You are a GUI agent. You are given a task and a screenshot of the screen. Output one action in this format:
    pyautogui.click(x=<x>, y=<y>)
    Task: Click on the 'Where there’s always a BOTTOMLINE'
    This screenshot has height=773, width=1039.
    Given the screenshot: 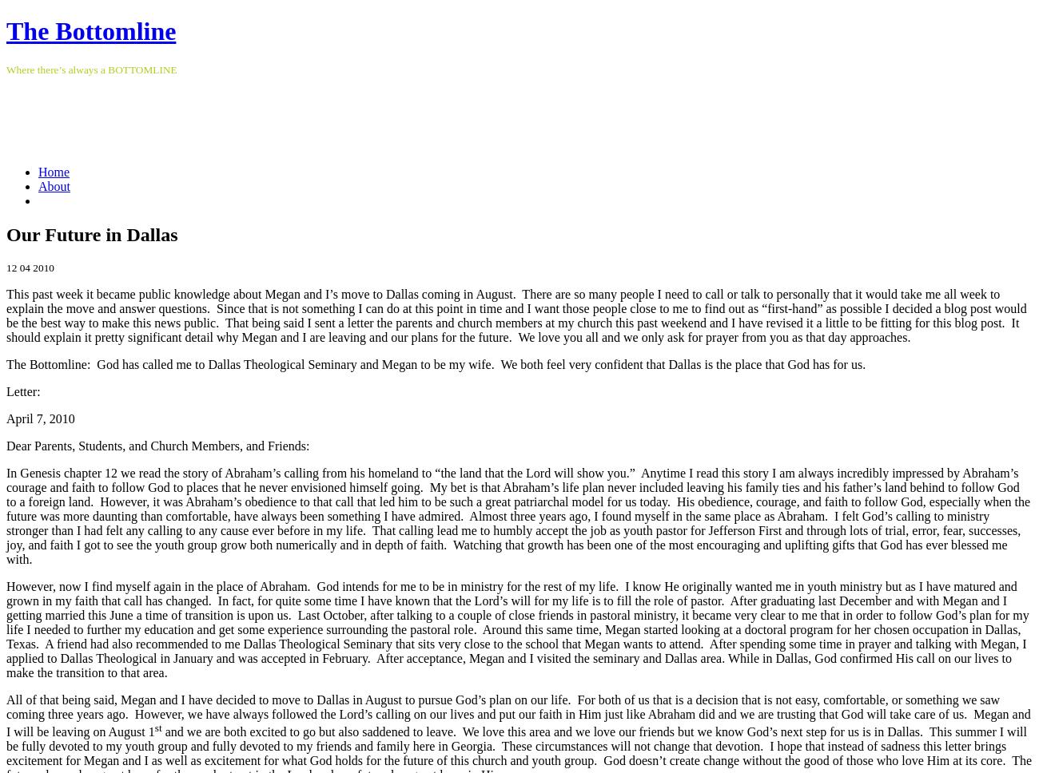 What is the action you would take?
    pyautogui.click(x=90, y=69)
    